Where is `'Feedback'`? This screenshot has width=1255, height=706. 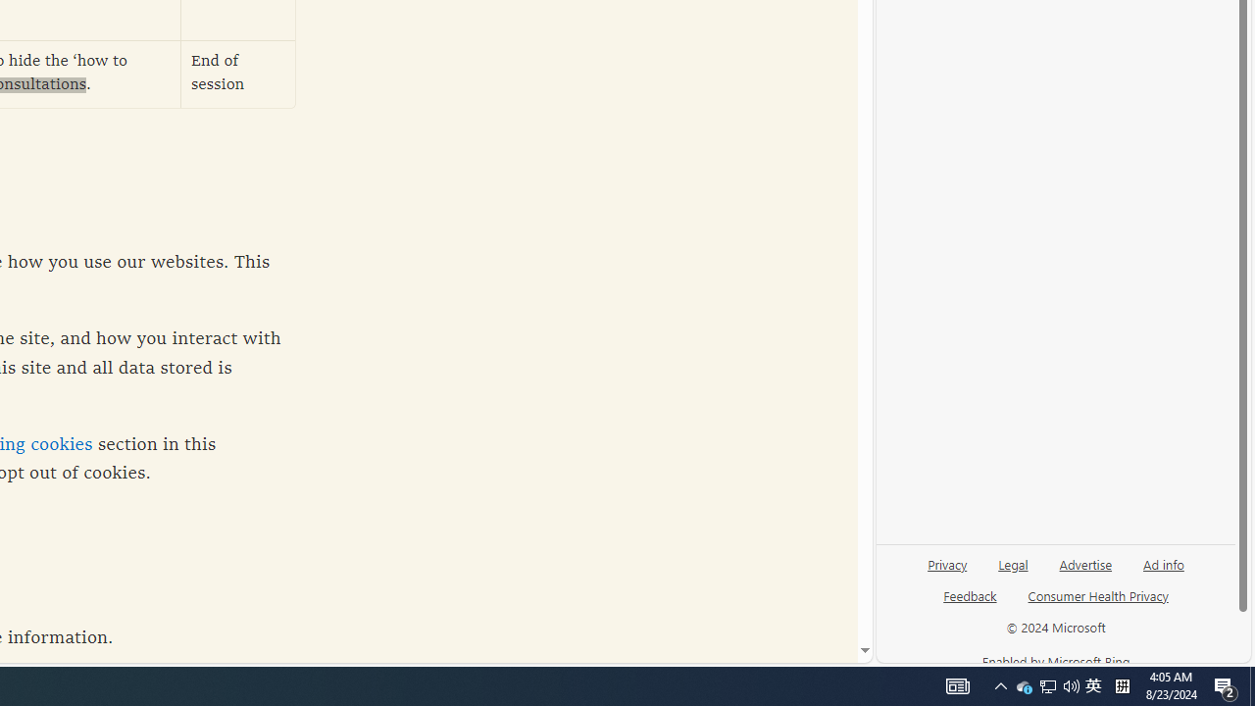 'Feedback' is located at coordinates (970, 602).